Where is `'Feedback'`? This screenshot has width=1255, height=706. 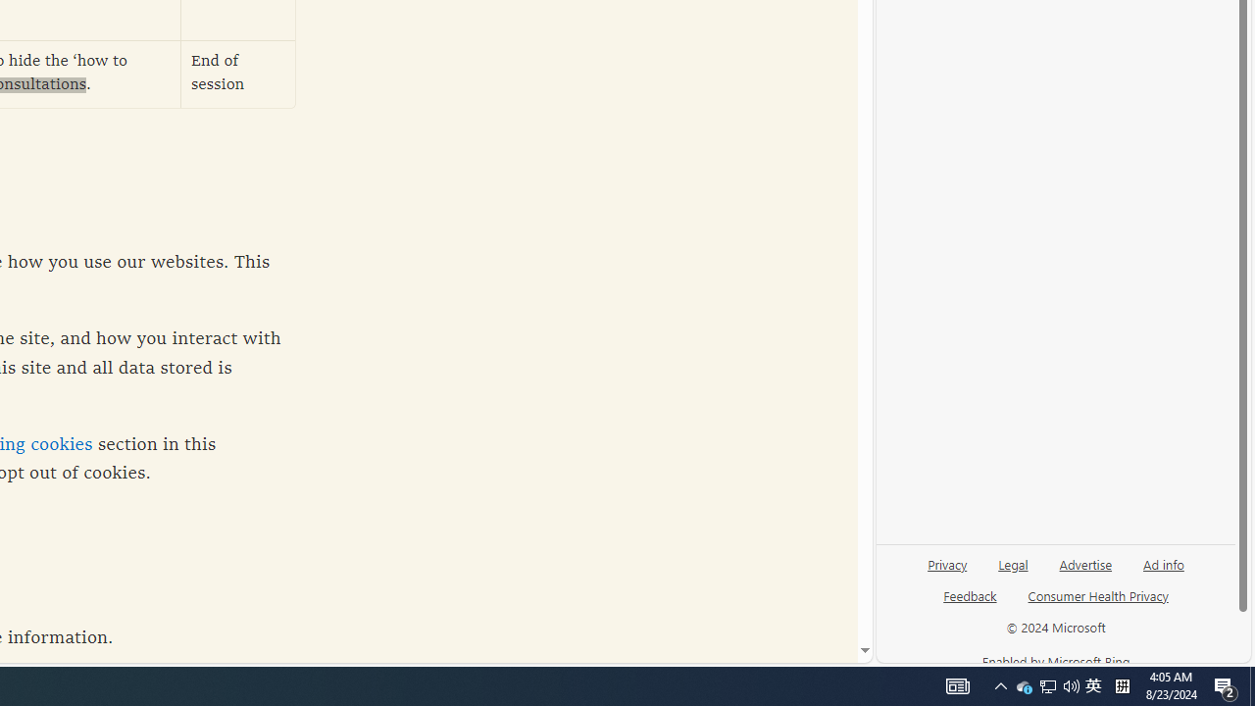 'Feedback' is located at coordinates (970, 602).